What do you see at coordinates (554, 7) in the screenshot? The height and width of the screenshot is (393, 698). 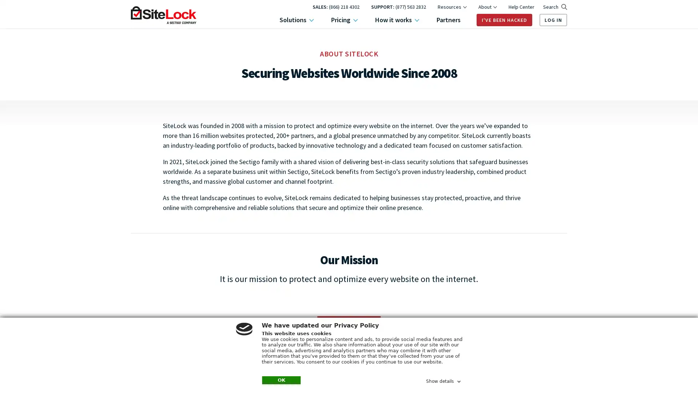 I see `Search` at bounding box center [554, 7].